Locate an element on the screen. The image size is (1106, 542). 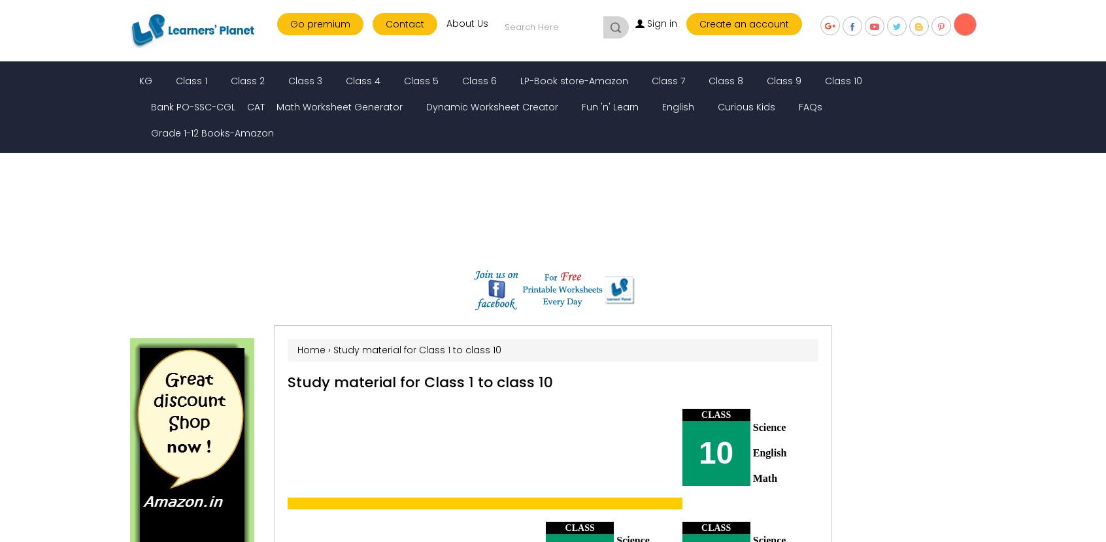
'Sign in' is located at coordinates (646, 23).